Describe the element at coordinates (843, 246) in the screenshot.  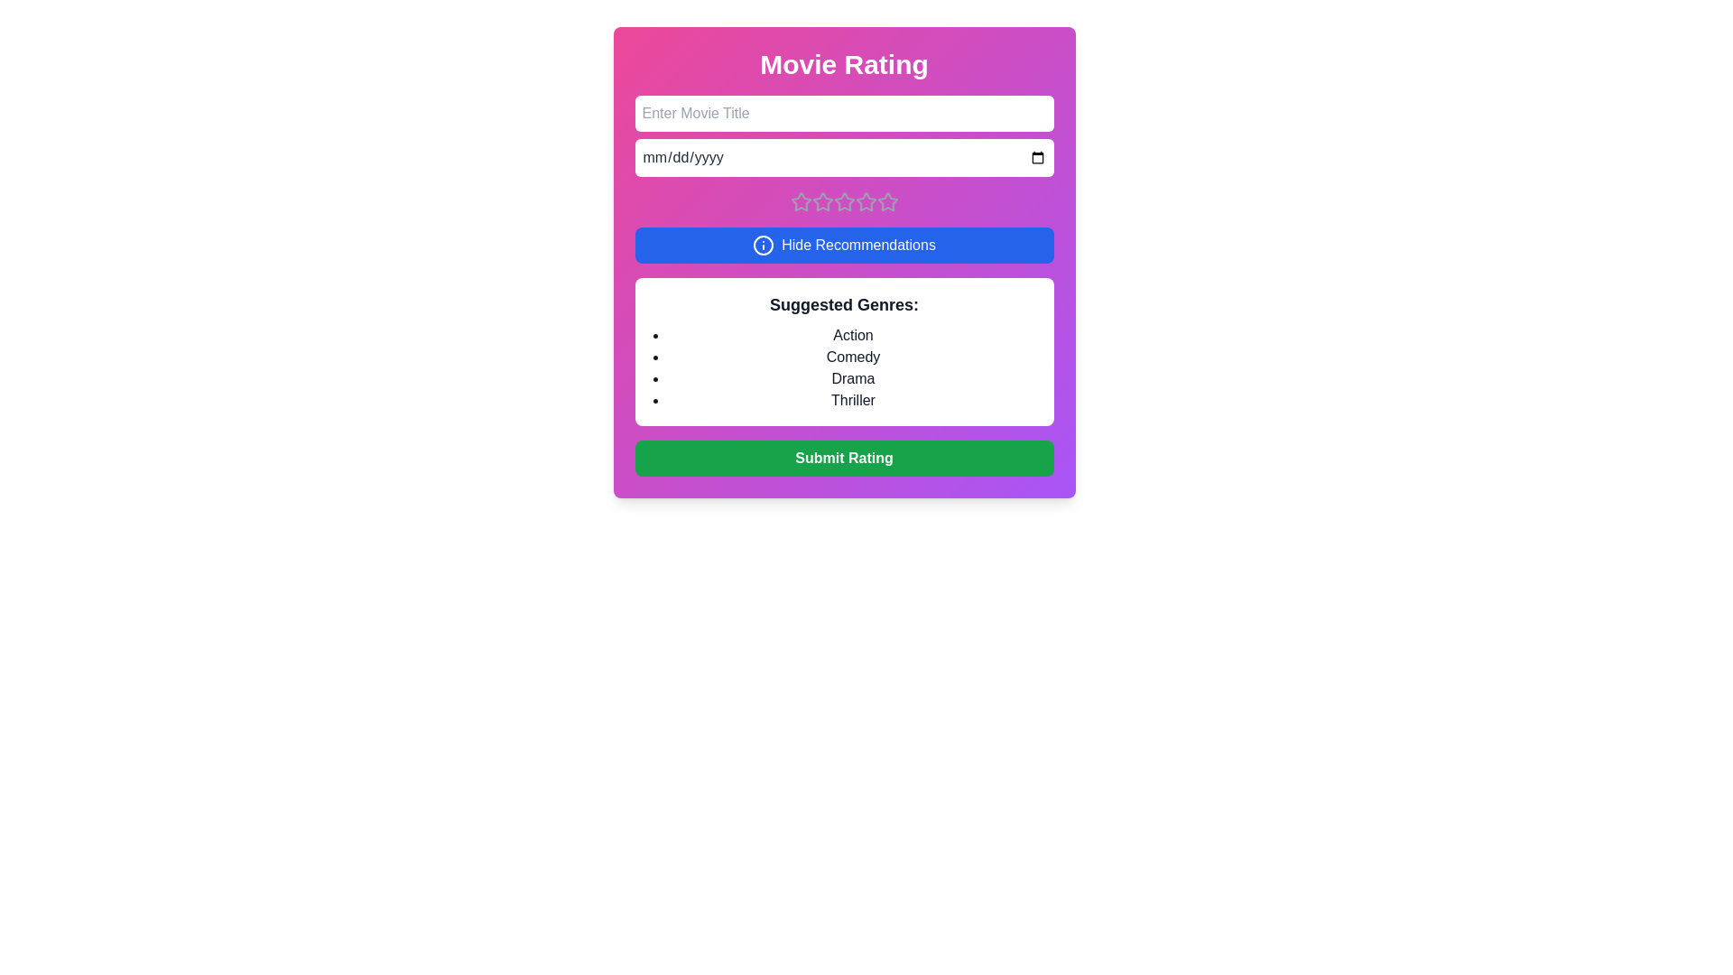
I see `the 'Hide Recommendations' button to toggle the visibility of the recommendations section` at that location.